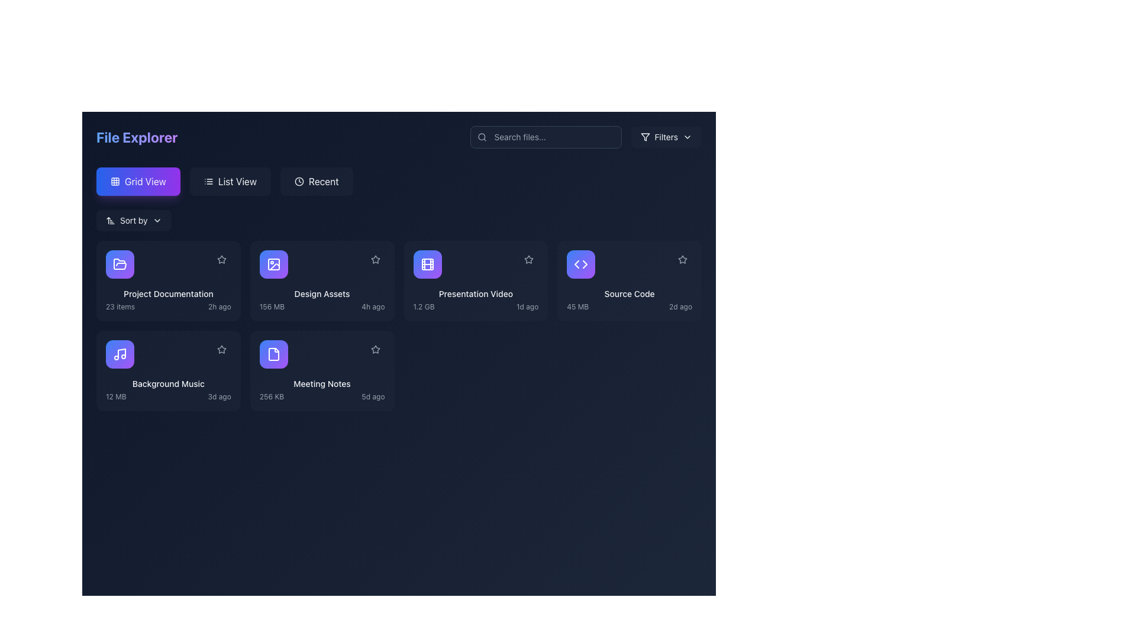 Image resolution: width=1136 pixels, height=639 pixels. I want to click on the outlined star-shaped button in the top-right corner of the 'Presentation Video' card to mark it as favorite, so click(528, 259).